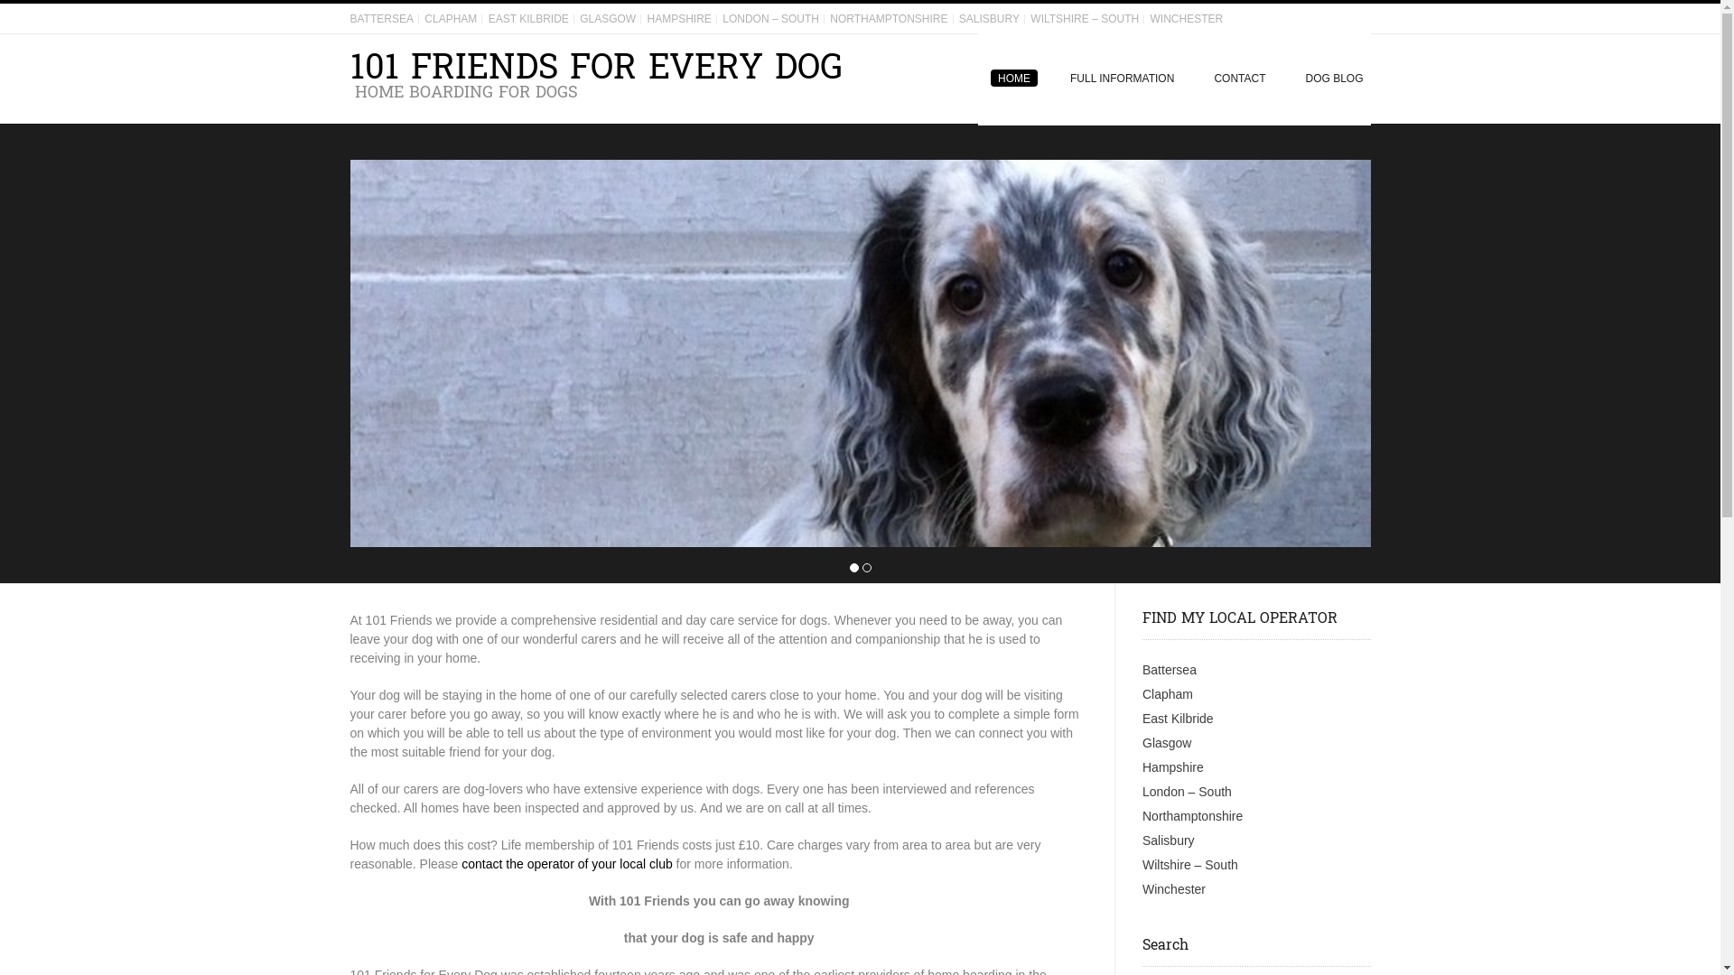 The image size is (1734, 975). I want to click on '2', so click(865, 567).